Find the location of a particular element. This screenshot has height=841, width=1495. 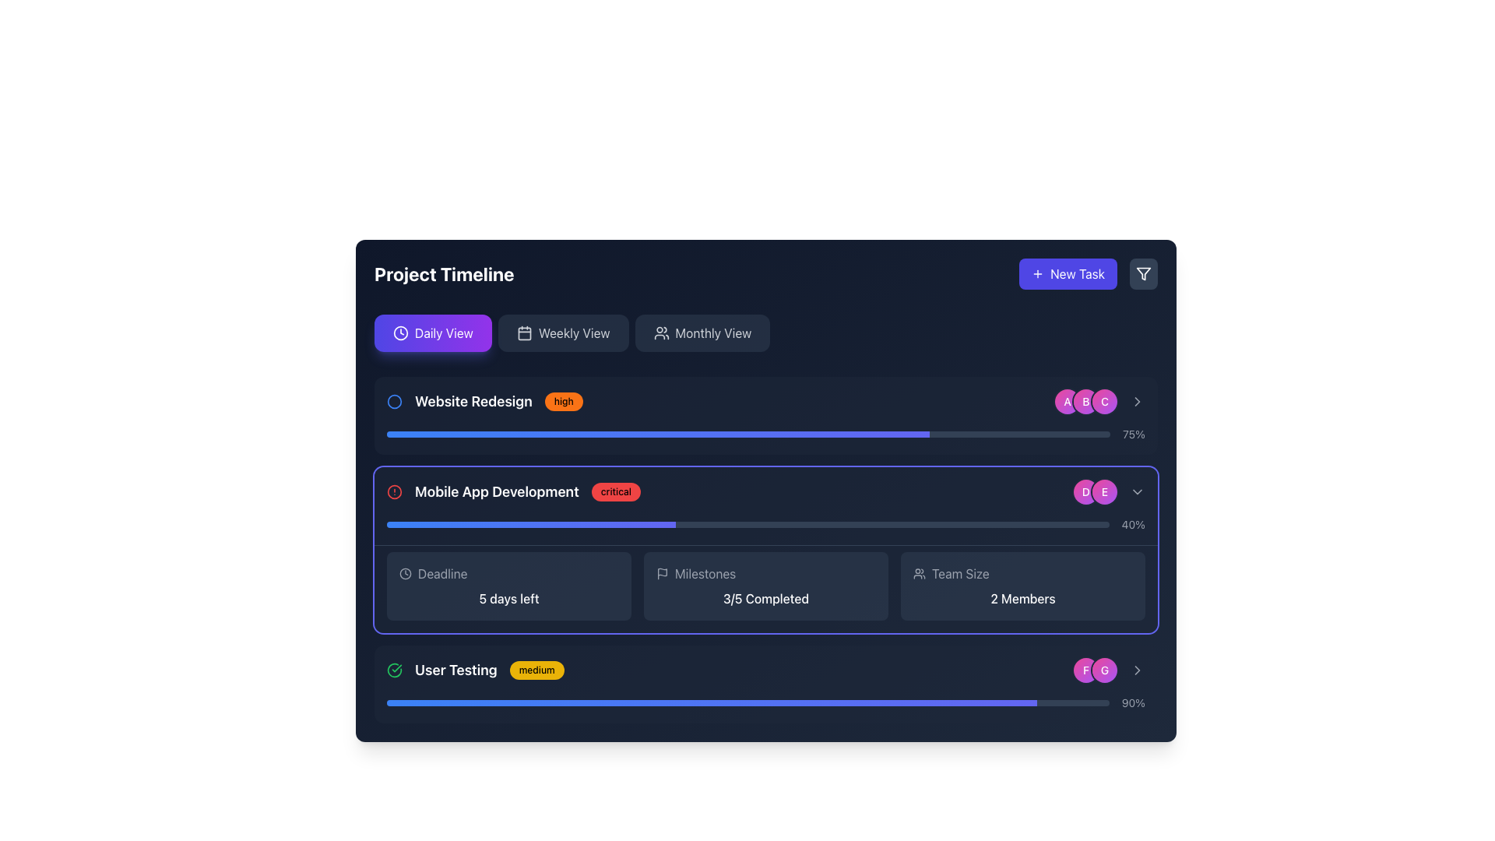

the visual details of the status icon located at the left-most position in the 'User Testing' task group, labeled 'medium', situated in the bottom section of the interface is located at coordinates (395, 669).